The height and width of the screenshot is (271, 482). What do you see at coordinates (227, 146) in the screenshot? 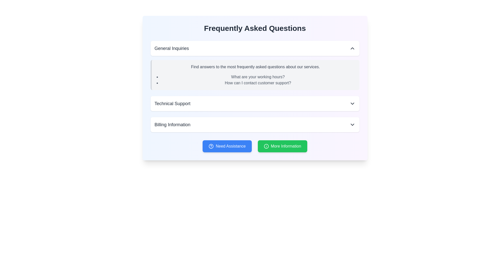
I see `the assistance button located at the leftmost position in the row of interactive buttons near the bottom of the main content area to trigger visual feedback such as a background color change` at bounding box center [227, 146].